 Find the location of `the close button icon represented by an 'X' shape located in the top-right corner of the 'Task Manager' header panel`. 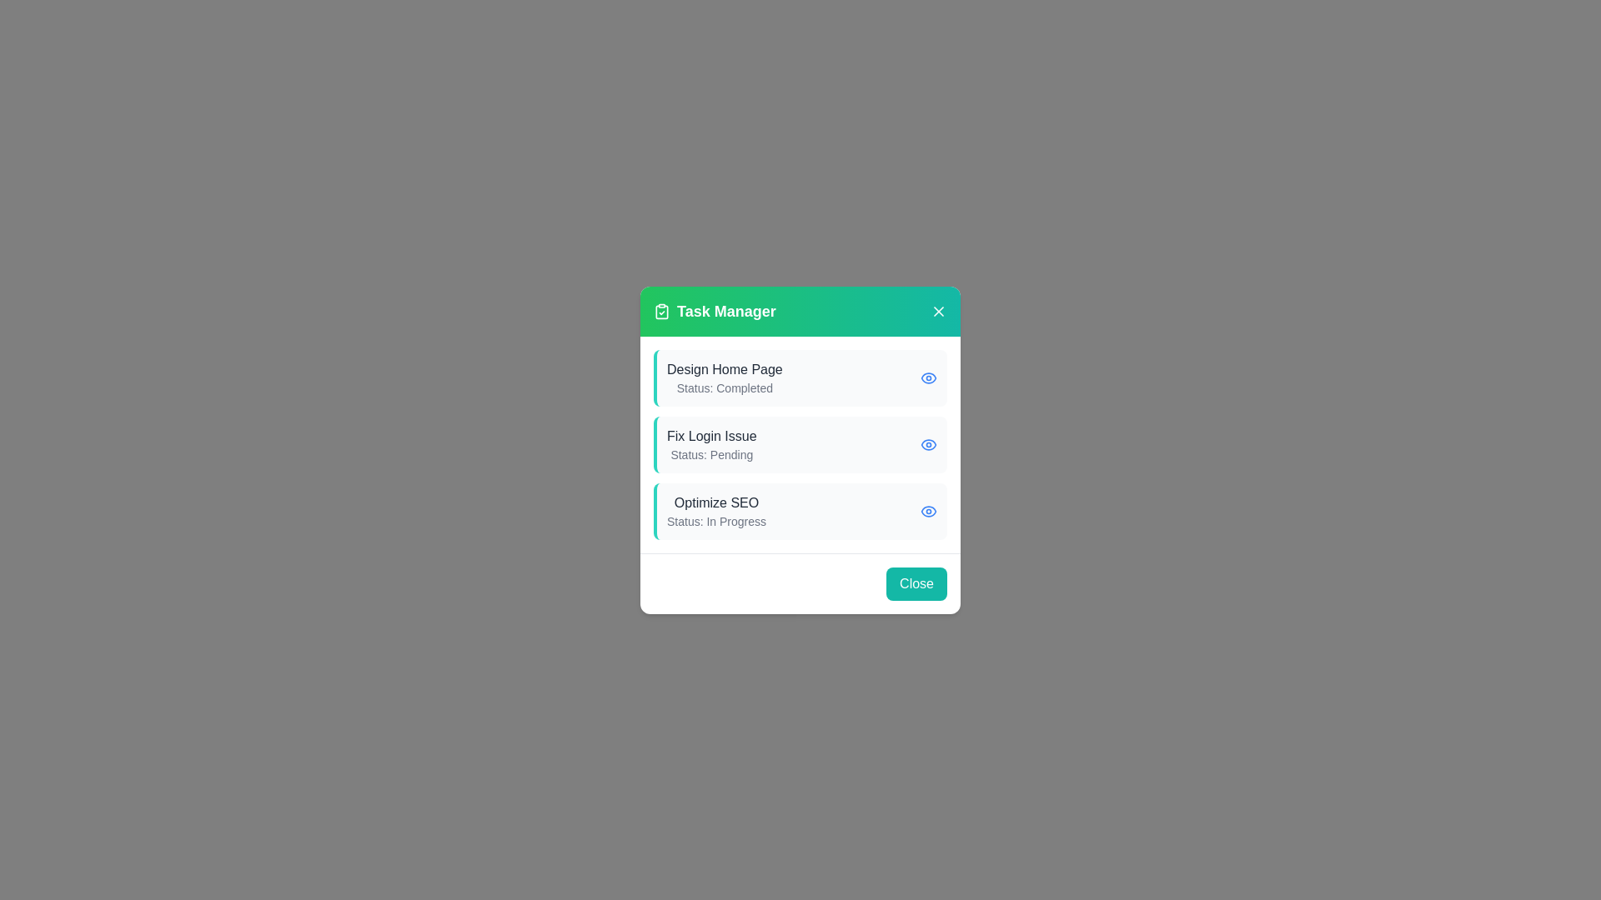

the close button icon represented by an 'X' shape located in the top-right corner of the 'Task Manager' header panel is located at coordinates (939, 311).